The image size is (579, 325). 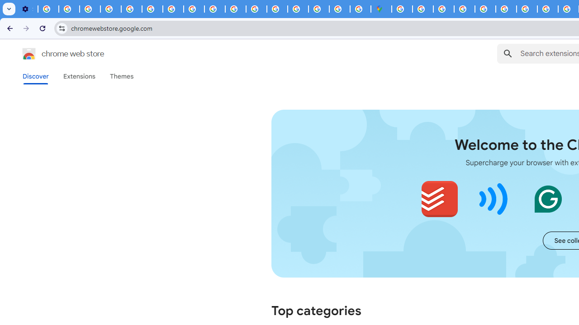 What do you see at coordinates (547, 199) in the screenshot?
I see `'Grammarly: AI Writing and Grammar Checker App'` at bounding box center [547, 199].